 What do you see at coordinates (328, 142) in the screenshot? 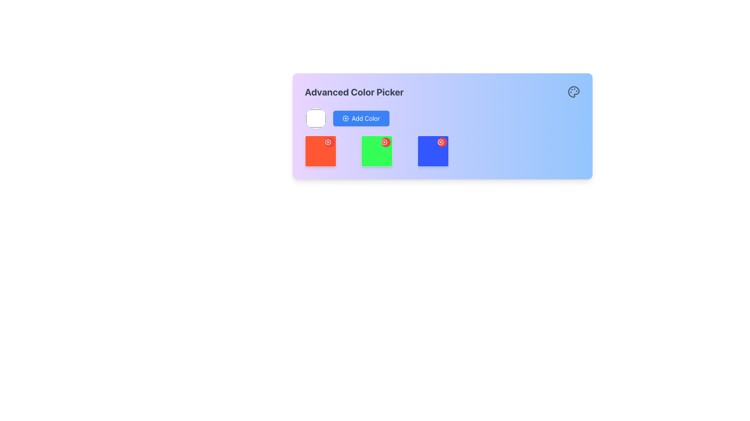
I see `the red circular icon with a white-bordered cross to potentially display a tooltip` at bounding box center [328, 142].